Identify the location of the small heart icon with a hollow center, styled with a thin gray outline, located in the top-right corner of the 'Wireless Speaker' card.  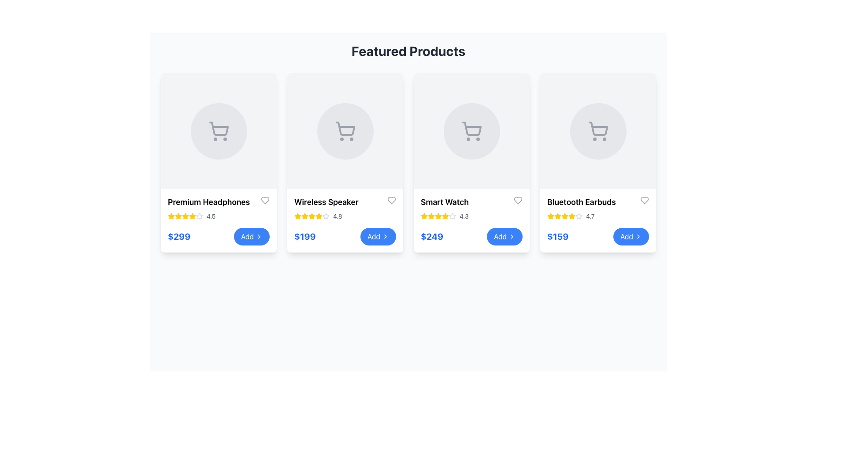
(391, 201).